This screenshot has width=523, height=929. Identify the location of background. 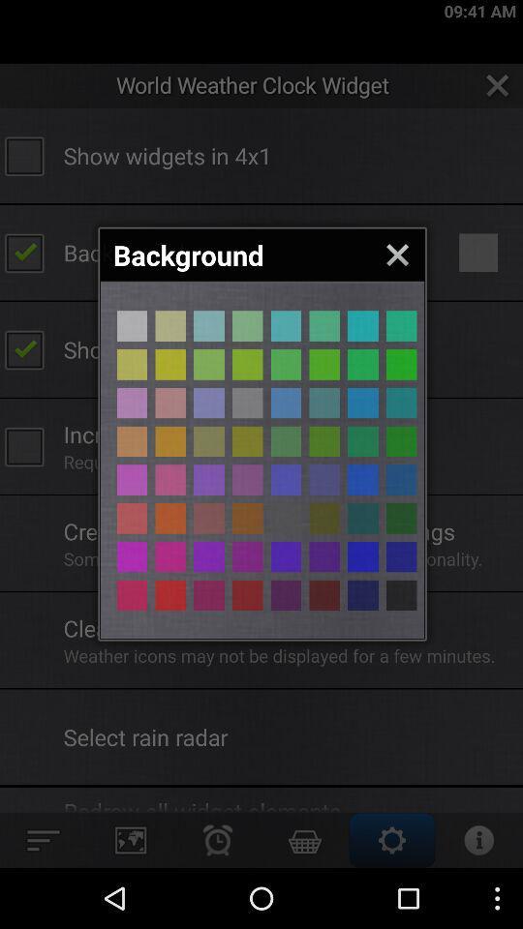
(285, 479).